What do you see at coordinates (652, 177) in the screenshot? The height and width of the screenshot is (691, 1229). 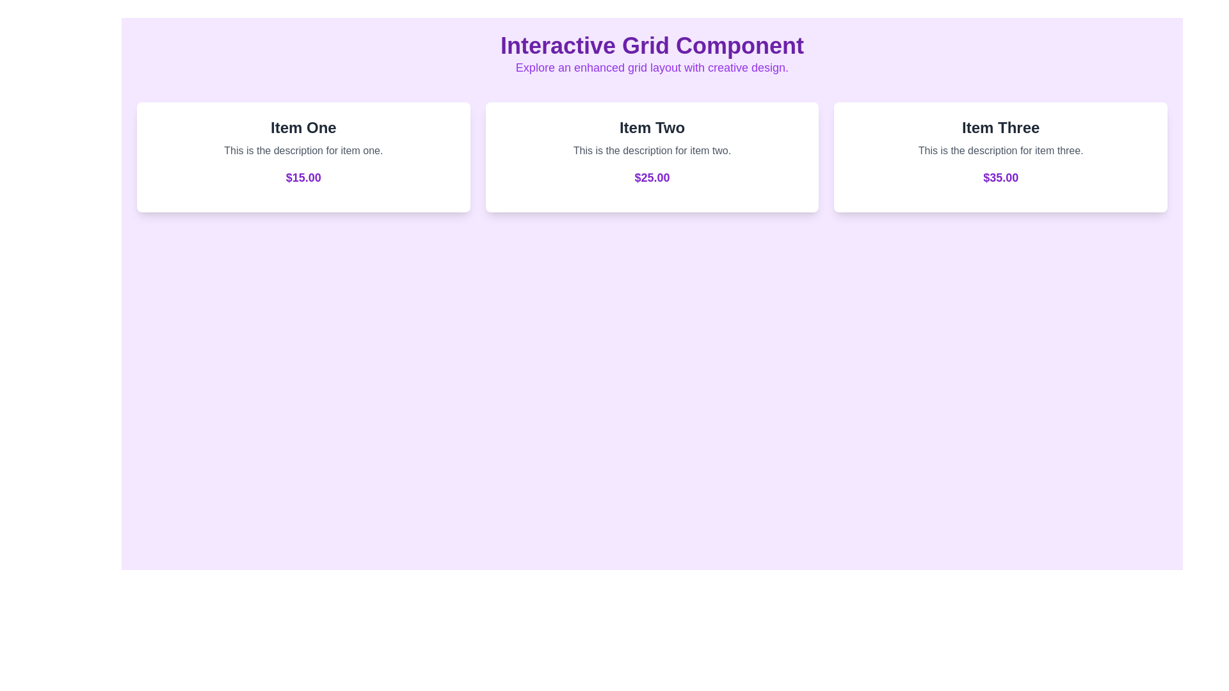 I see `the text label displaying '$25.00' in purple bold font, located underneath the description in the 'Item Two' card` at bounding box center [652, 177].